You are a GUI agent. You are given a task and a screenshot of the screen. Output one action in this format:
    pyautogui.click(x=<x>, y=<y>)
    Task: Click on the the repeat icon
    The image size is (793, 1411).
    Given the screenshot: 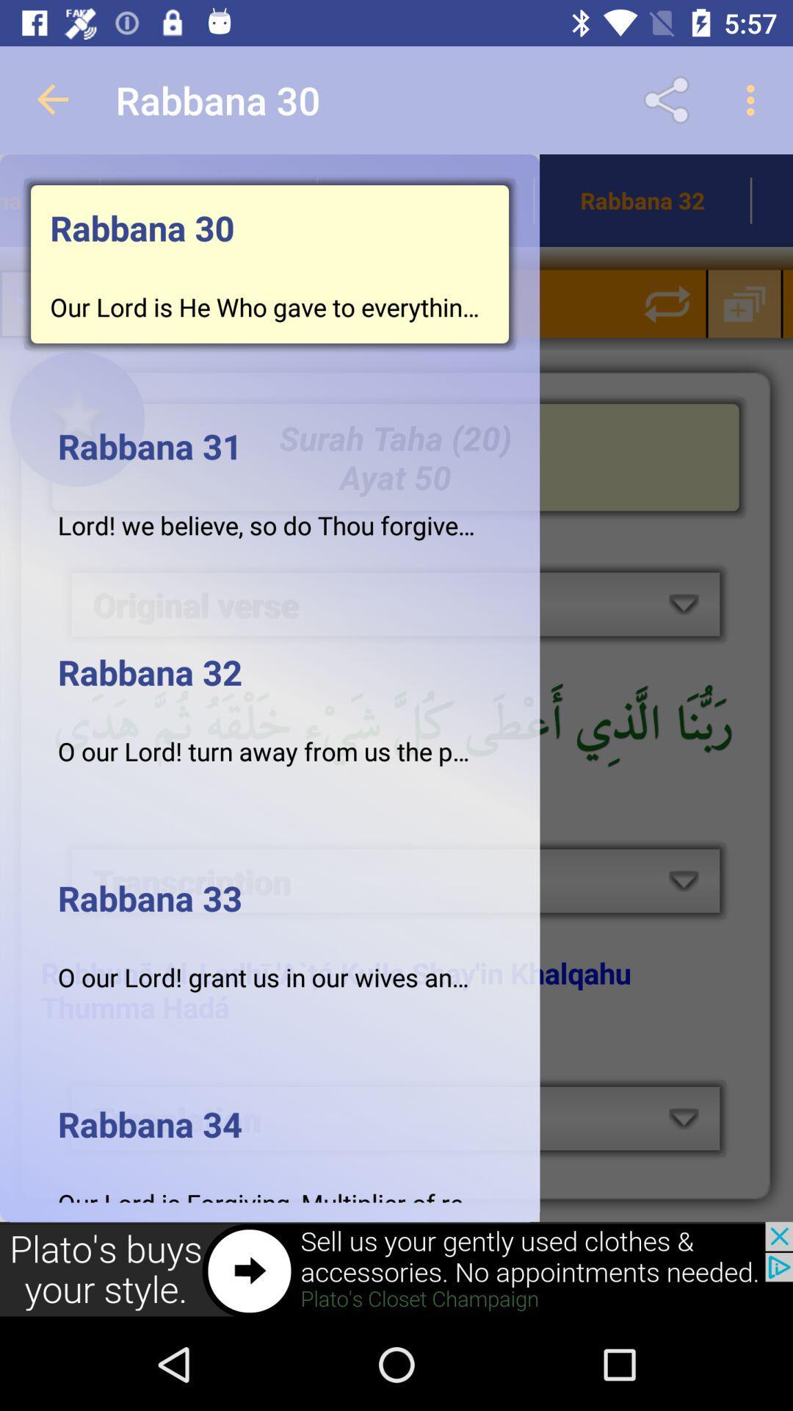 What is the action you would take?
    pyautogui.click(x=667, y=303)
    